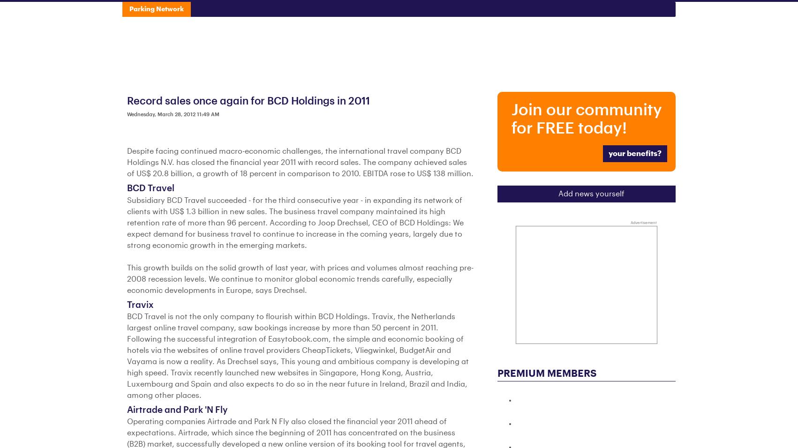 The height and width of the screenshot is (448, 798). Describe the element at coordinates (544, 11) in the screenshot. I see `'Webinars'` at that location.